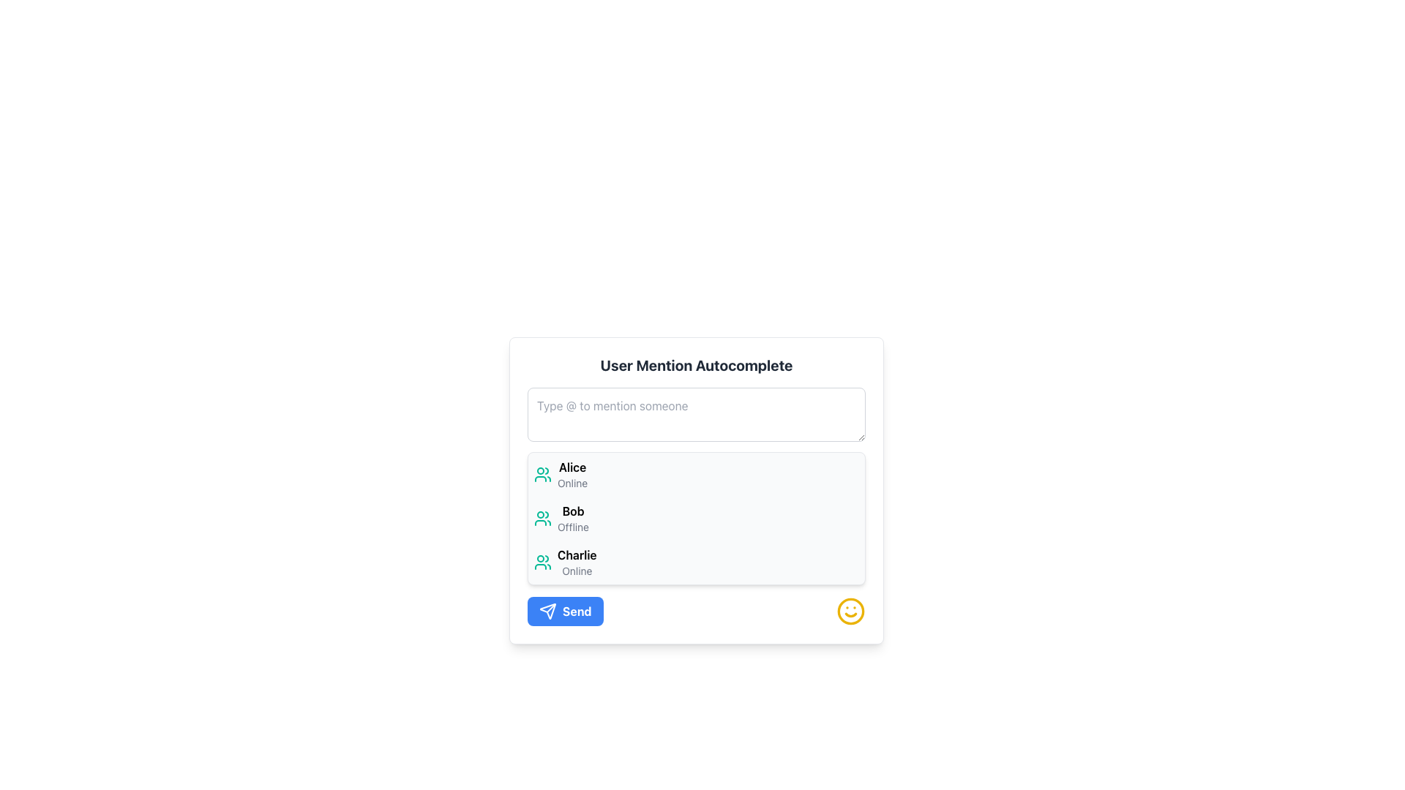 The width and height of the screenshot is (1405, 790). What do you see at coordinates (572, 467) in the screenshot?
I see `the text label displaying the name 'Alice' in bold within the user mention autocomplete dropdown` at bounding box center [572, 467].